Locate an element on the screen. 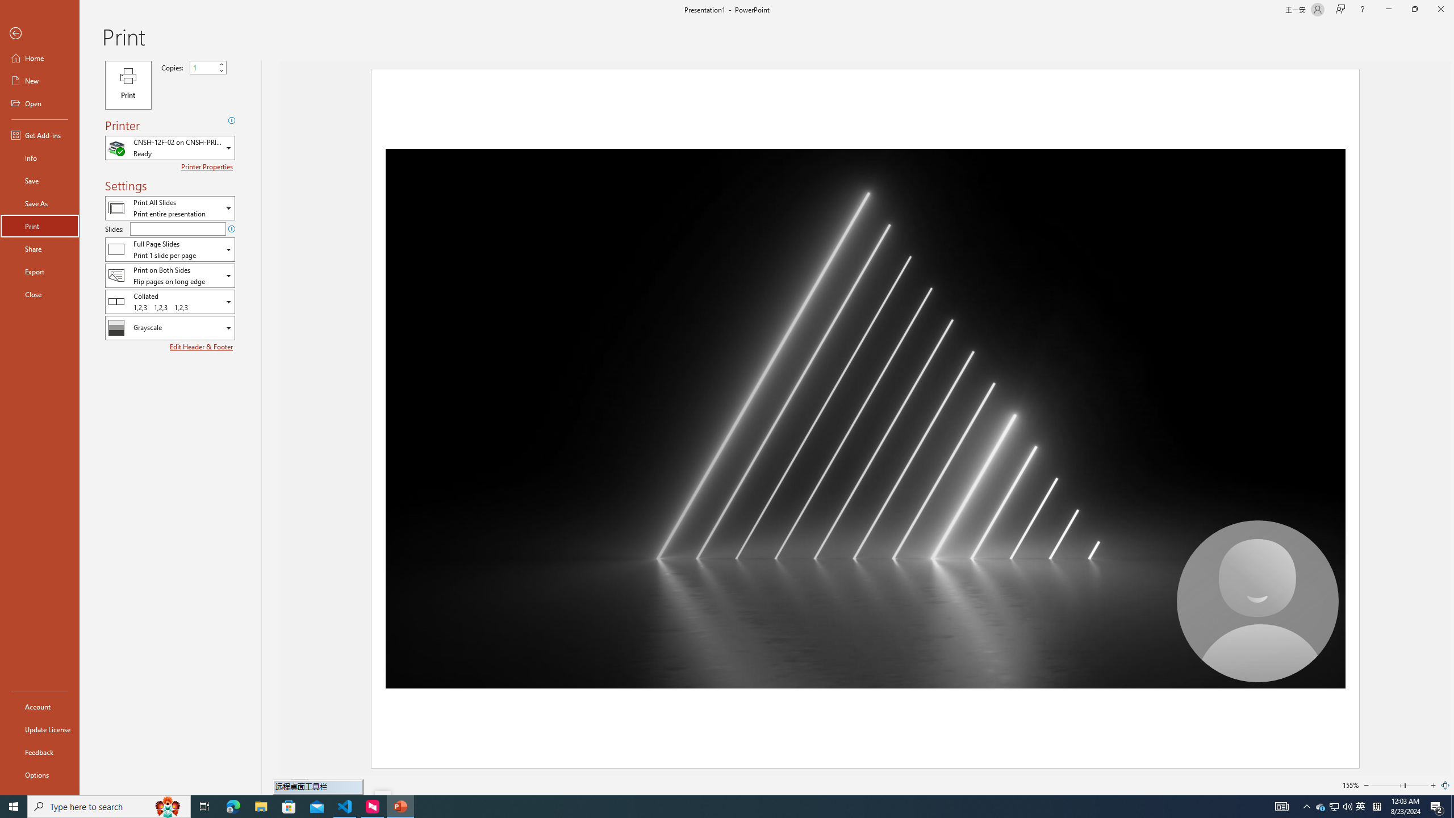 The height and width of the screenshot is (818, 1454). 'Page left' is located at coordinates (1387, 785).